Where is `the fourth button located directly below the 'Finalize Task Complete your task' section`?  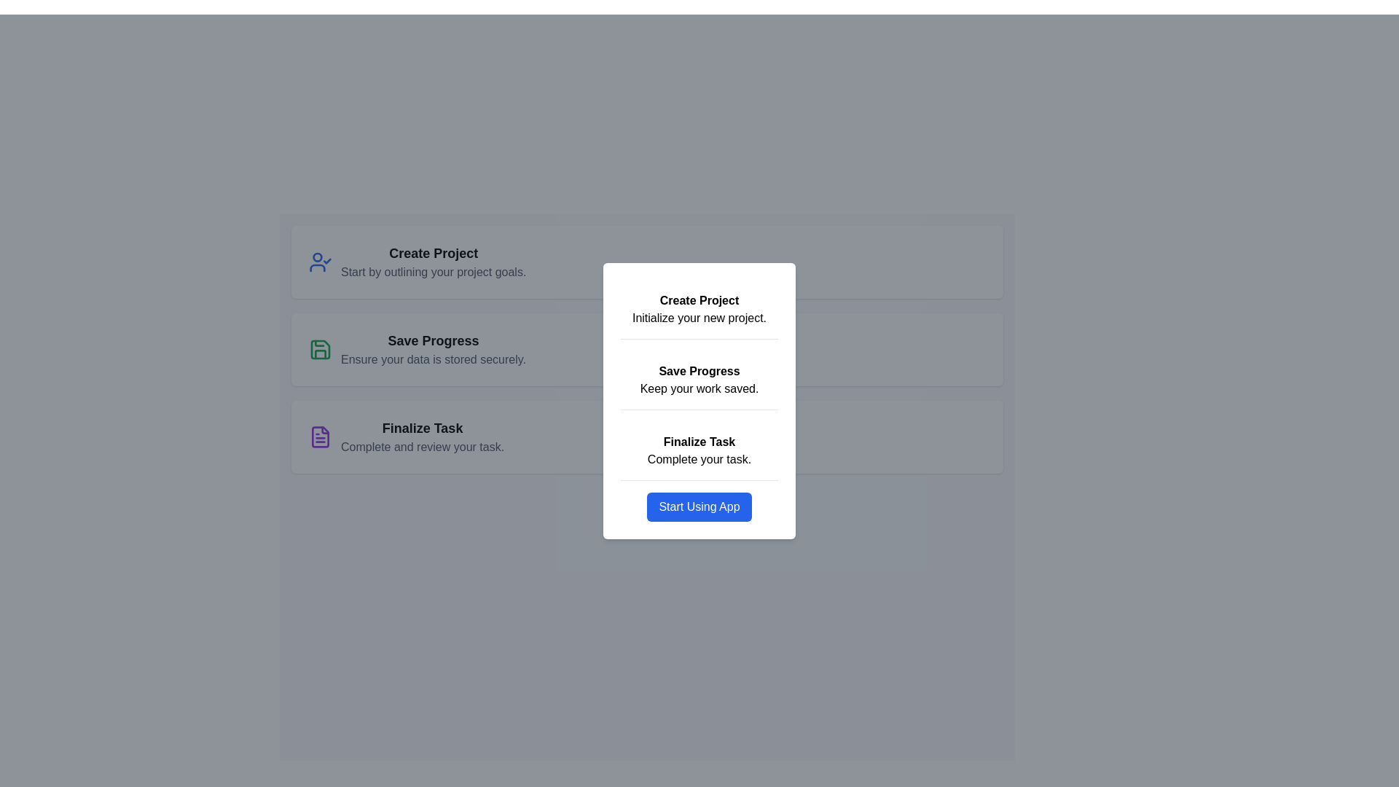 the fourth button located directly below the 'Finalize Task Complete your task' section is located at coordinates (699, 506).